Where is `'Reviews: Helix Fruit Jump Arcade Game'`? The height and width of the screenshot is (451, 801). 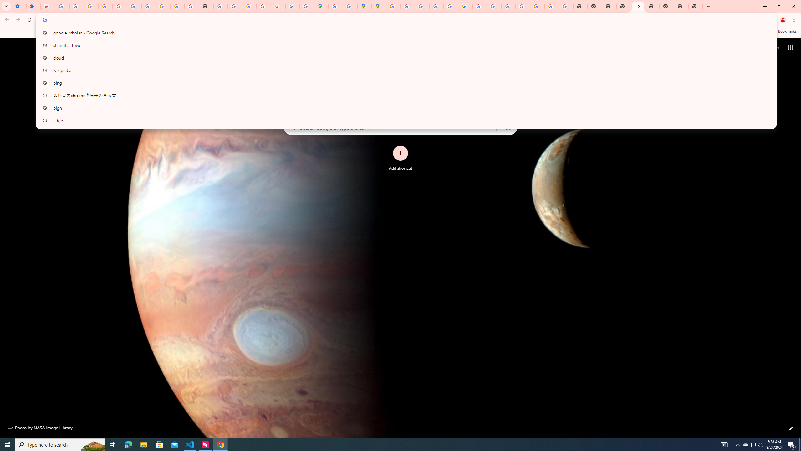 'Reviews: Helix Fruit Jump Arcade Game' is located at coordinates (47, 6).